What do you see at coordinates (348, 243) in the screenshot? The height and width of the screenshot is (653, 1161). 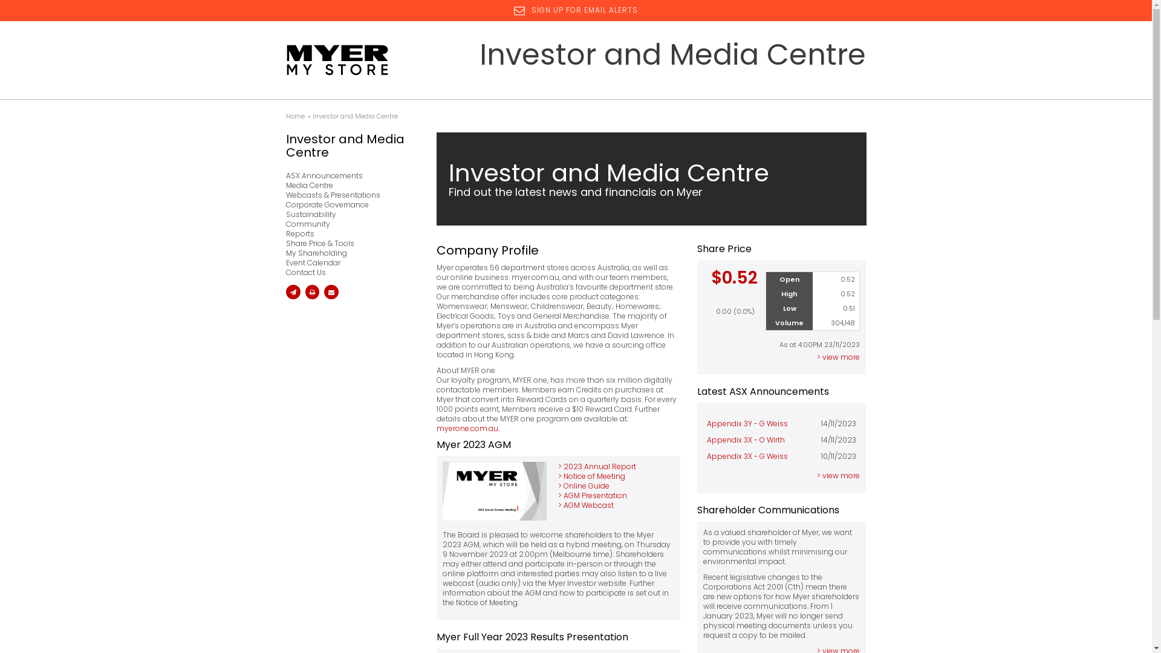 I see `'Share Price & Tools'` at bounding box center [348, 243].